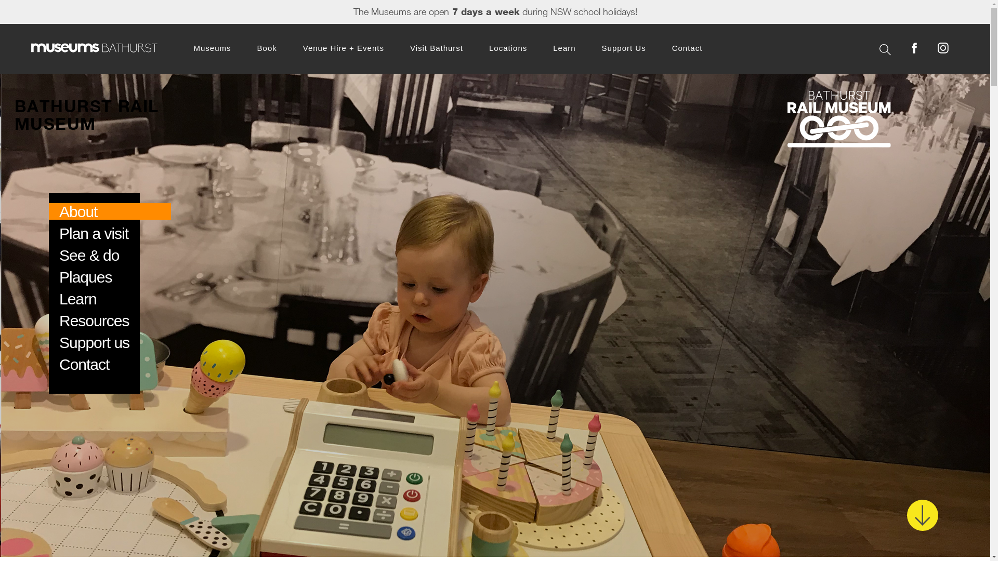 Image resolution: width=998 pixels, height=561 pixels. What do you see at coordinates (77, 299) in the screenshot?
I see `'Learn'` at bounding box center [77, 299].